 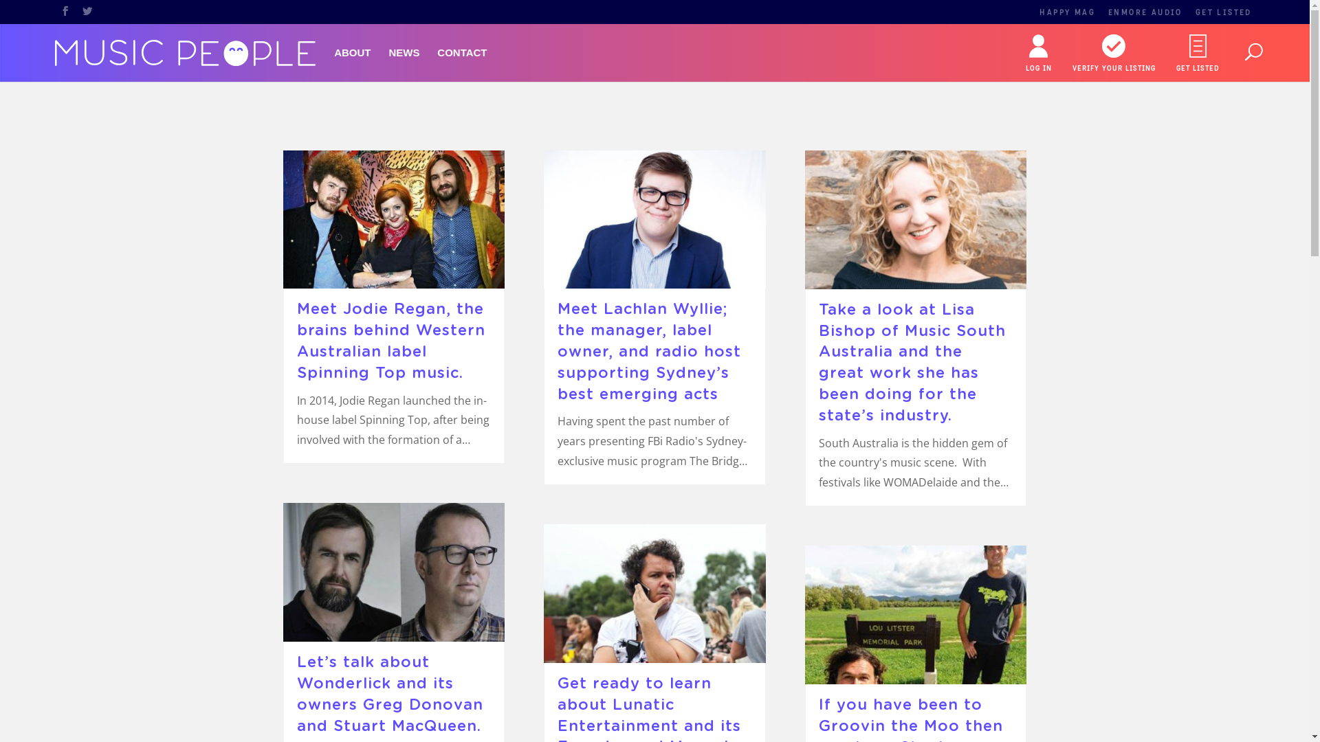 What do you see at coordinates (1026, 52) in the screenshot?
I see `'LOG IN'` at bounding box center [1026, 52].